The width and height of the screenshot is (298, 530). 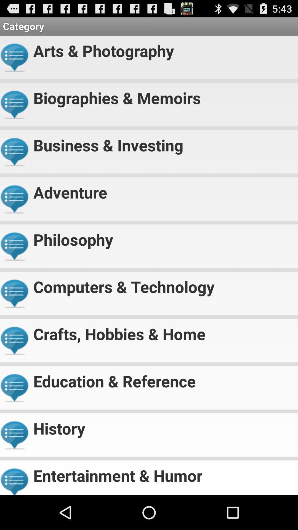 I want to click on the education & reference icon, so click(x=163, y=378).